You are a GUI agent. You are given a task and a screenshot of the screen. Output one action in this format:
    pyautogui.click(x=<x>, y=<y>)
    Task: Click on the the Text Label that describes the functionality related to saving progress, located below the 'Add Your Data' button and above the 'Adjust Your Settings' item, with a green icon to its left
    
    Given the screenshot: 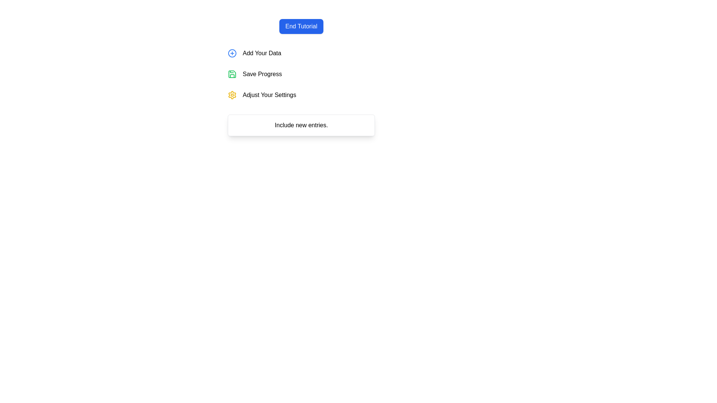 What is the action you would take?
    pyautogui.click(x=262, y=74)
    